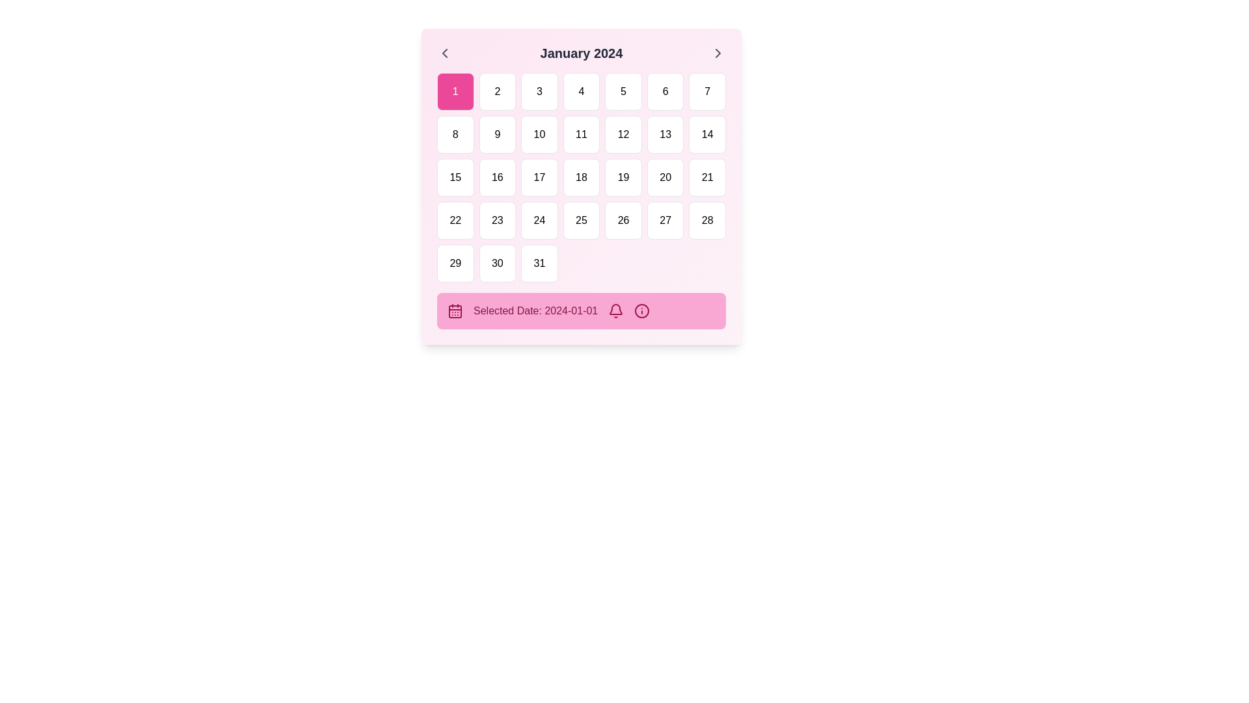  Describe the element at coordinates (706, 135) in the screenshot. I see `the selectable date button for January 14th, 2024 in the calendar interface` at that location.